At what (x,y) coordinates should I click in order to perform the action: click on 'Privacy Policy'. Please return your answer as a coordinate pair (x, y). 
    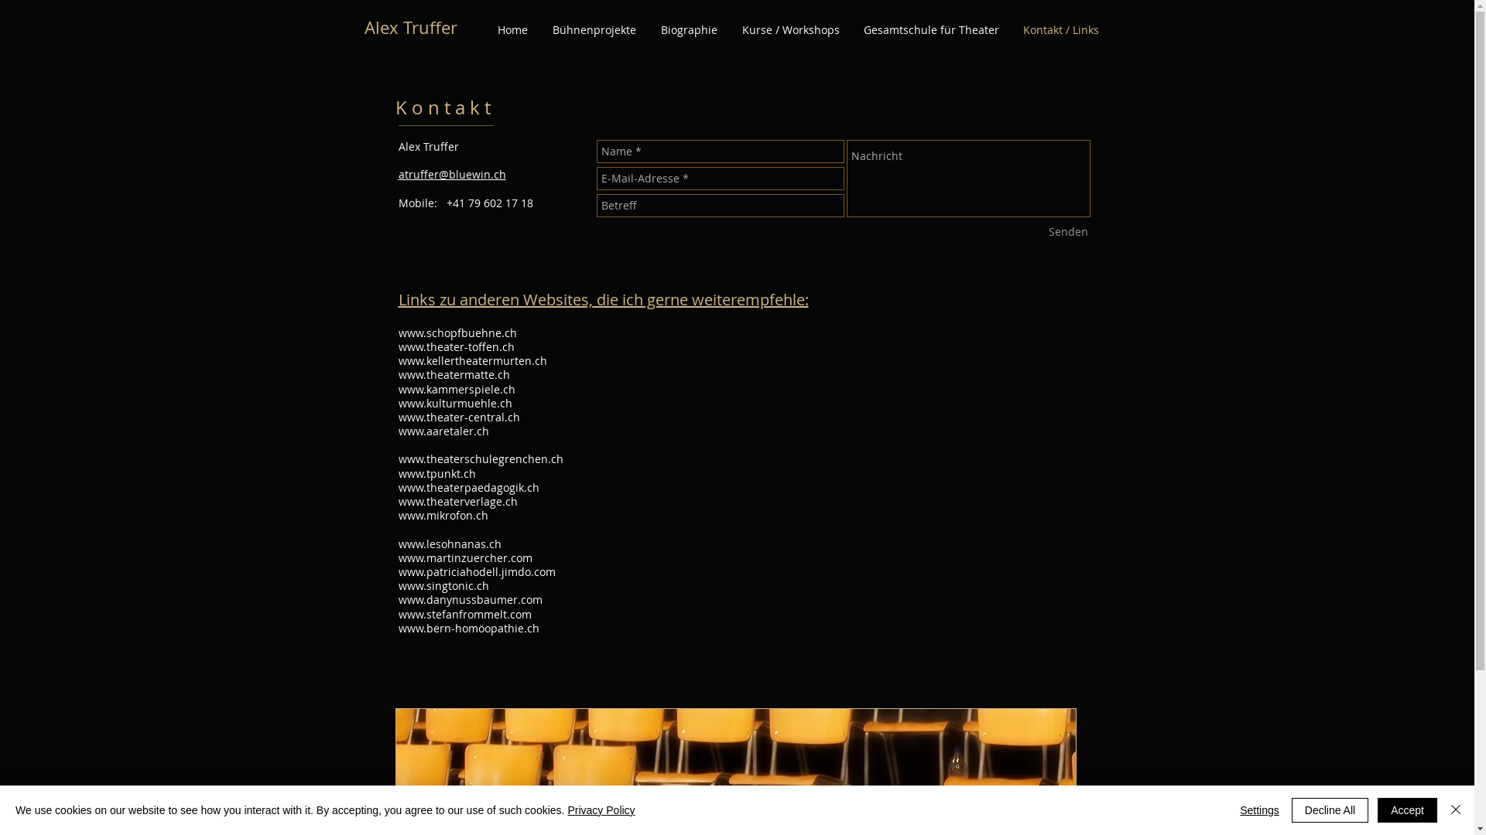
    Looking at the image, I should click on (567, 809).